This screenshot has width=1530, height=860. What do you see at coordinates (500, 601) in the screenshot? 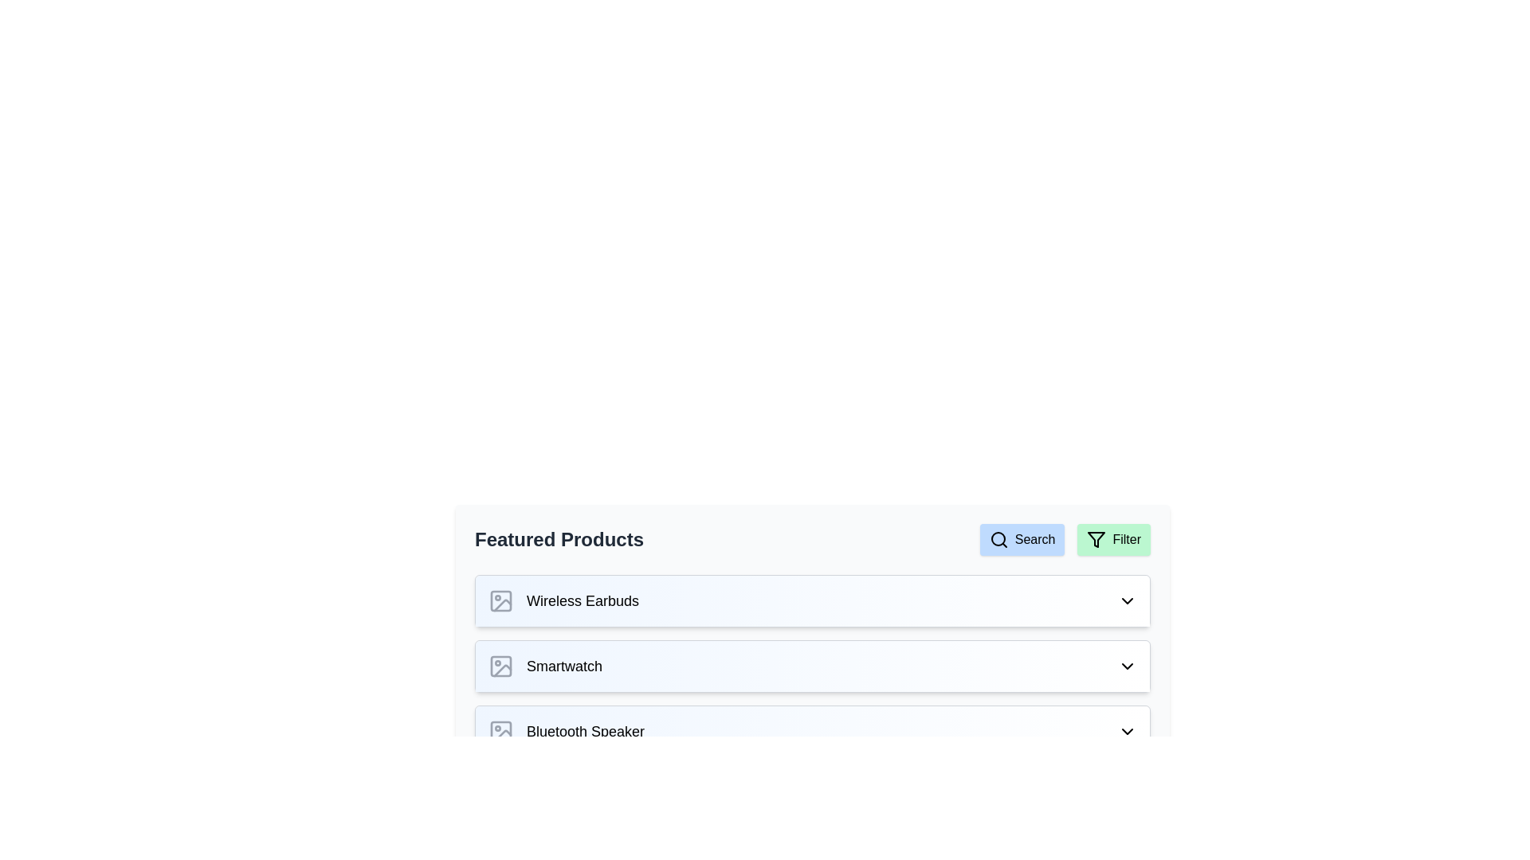
I see `the image-related action icon located to the left of the 'Wireless Earbuds' text in the 'Featured Products' section` at bounding box center [500, 601].